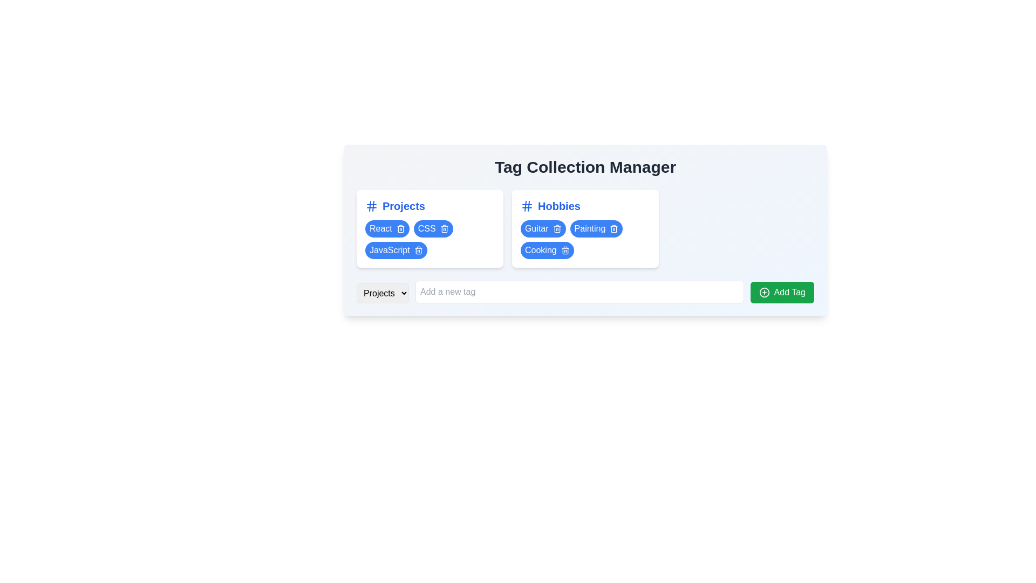  I want to click on the delete button shaped like a trash can with a blue background, located at the rightmost side of the 'JavaScript' tag in the 'Projects' section, so click(418, 250).